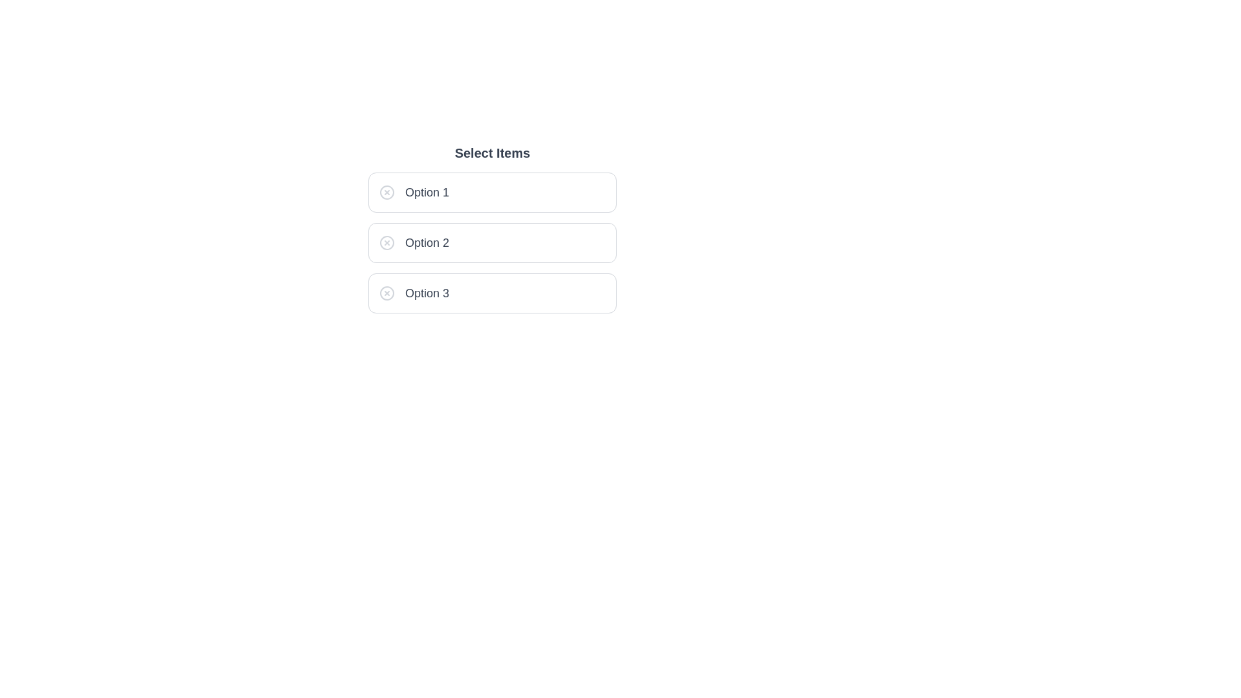  Describe the element at coordinates (387, 192) in the screenshot. I see `the circular icon with a gray border and an 'x' inside it, located to the left of 'Option 1'` at that location.